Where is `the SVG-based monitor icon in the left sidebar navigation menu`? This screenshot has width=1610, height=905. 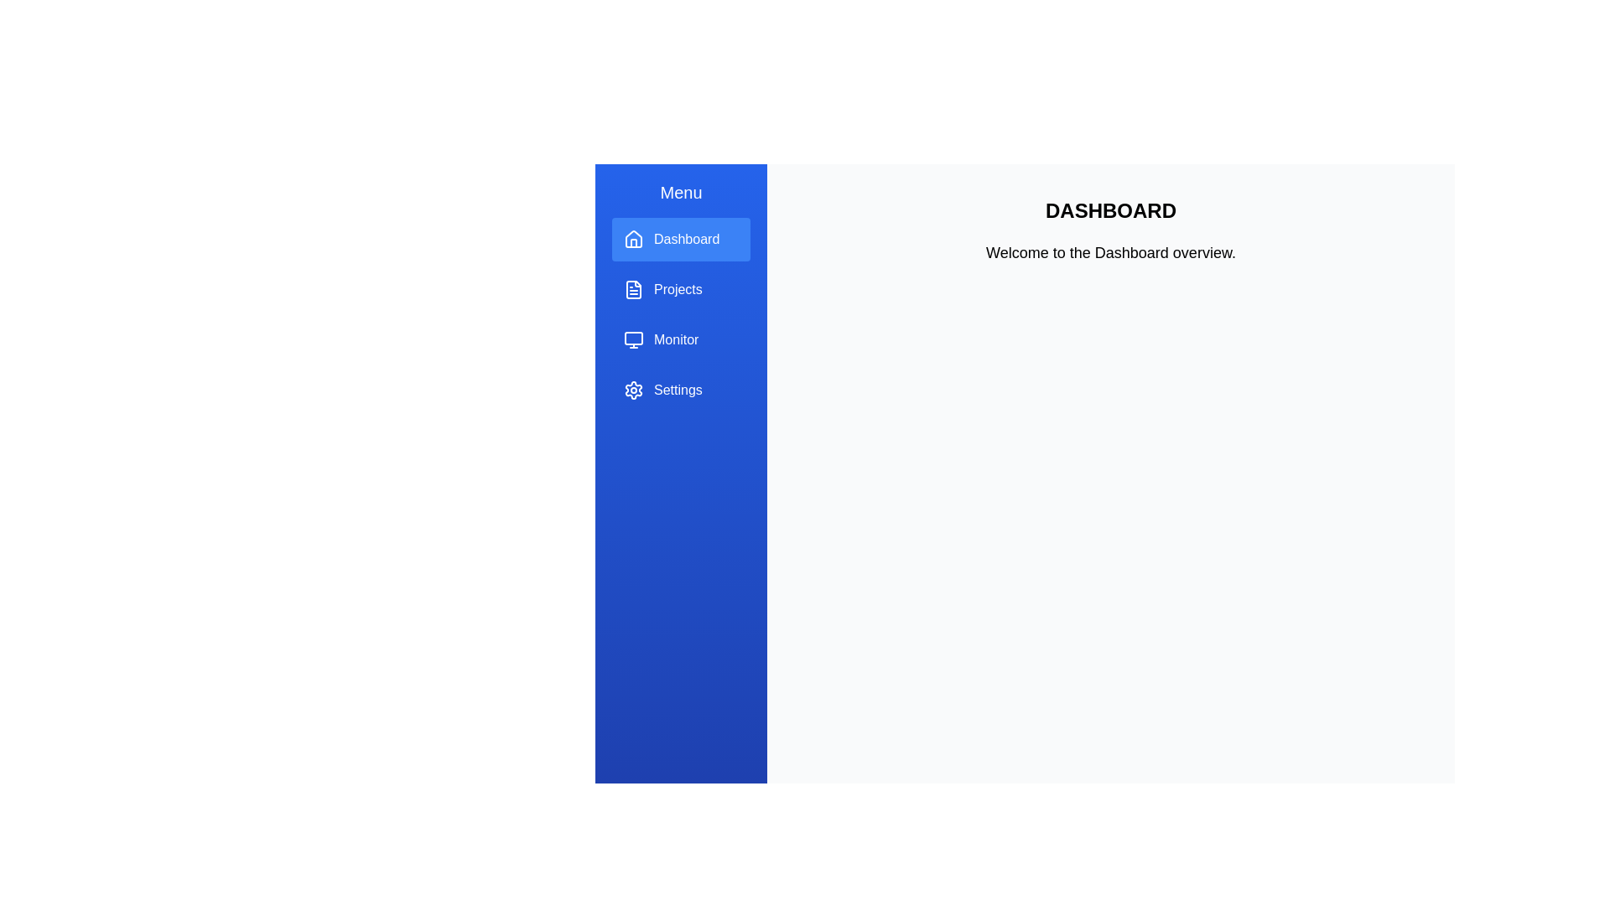 the SVG-based monitor icon in the left sidebar navigation menu is located at coordinates (632, 339).